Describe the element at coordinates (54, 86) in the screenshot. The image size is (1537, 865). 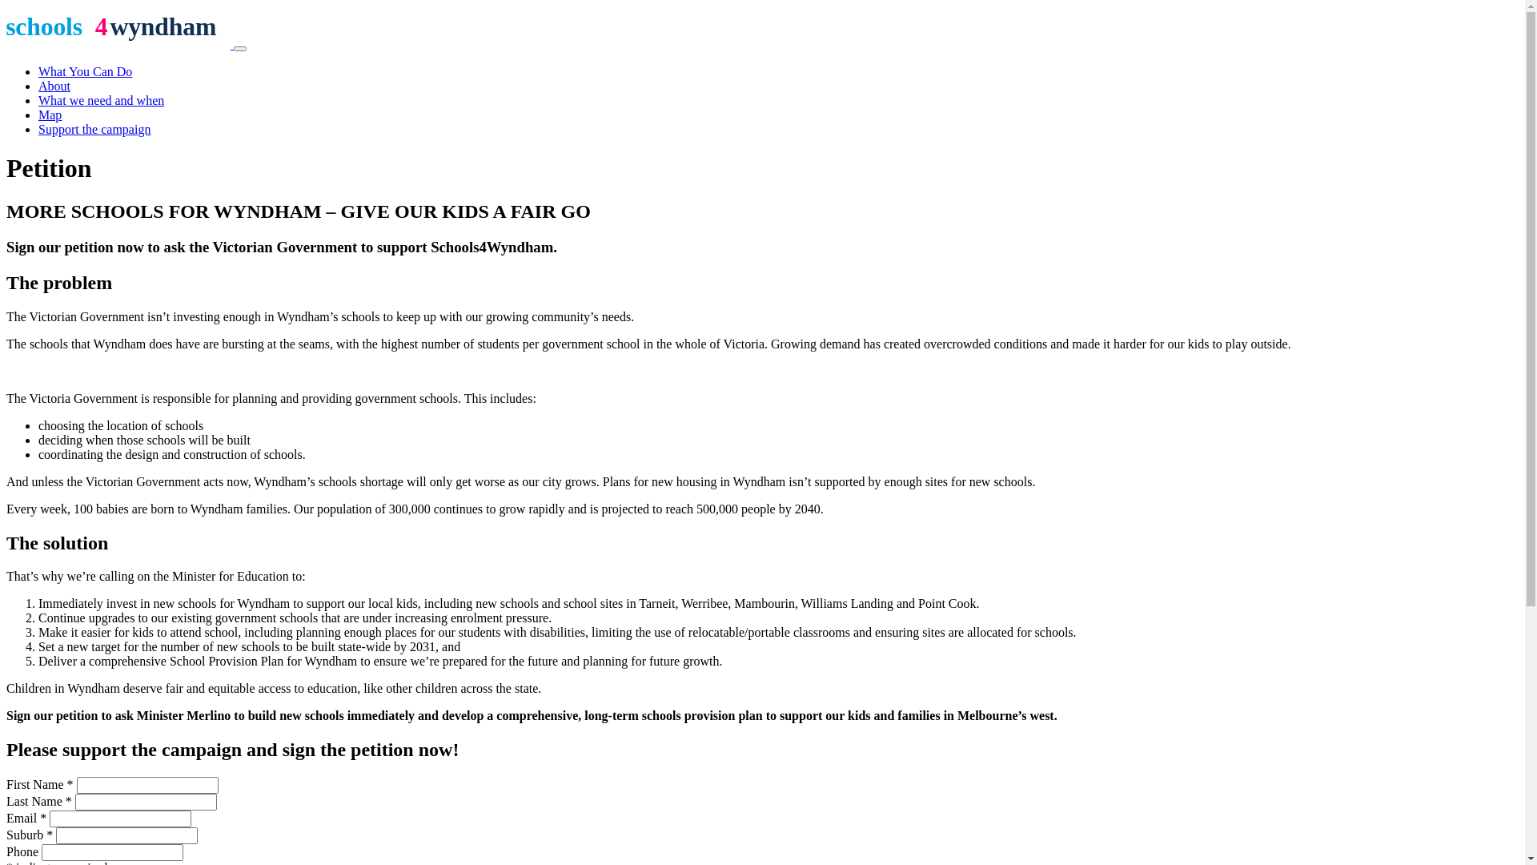
I see `'About'` at that location.